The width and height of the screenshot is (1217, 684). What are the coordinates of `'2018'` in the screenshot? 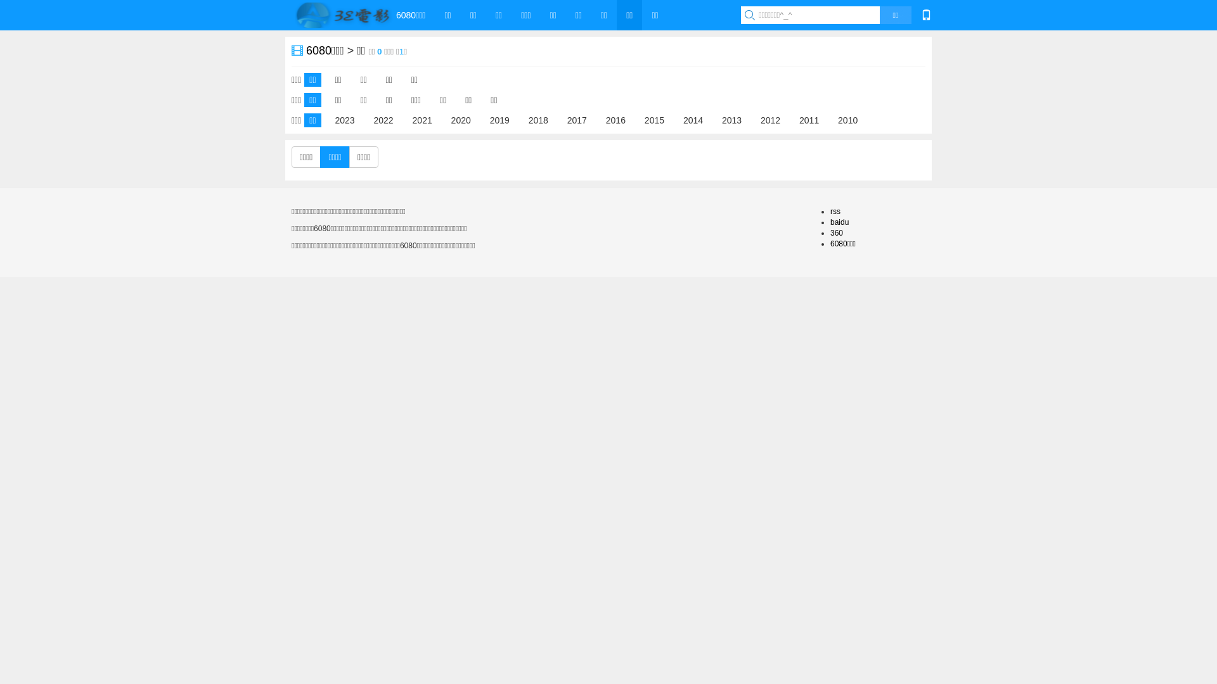 It's located at (523, 120).